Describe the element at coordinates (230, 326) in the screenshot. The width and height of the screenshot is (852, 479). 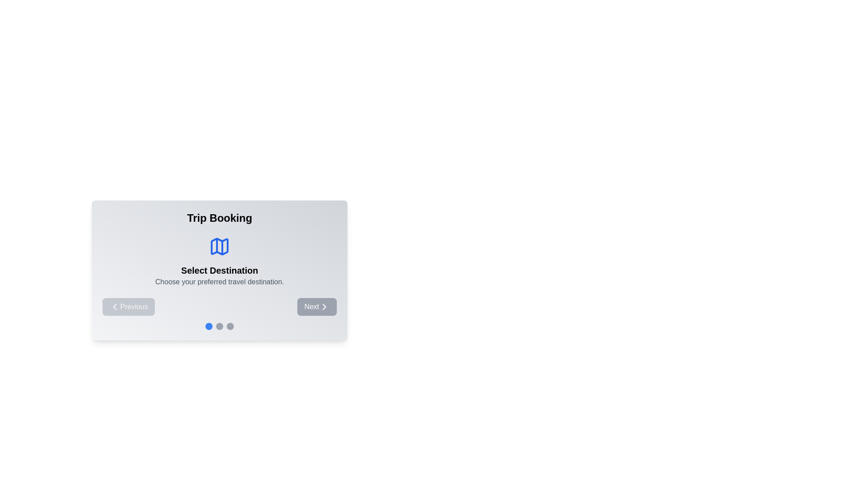
I see `the third circular indicator in the horizontal sequence at the bottom center of the 'Trip Booking' card` at that location.